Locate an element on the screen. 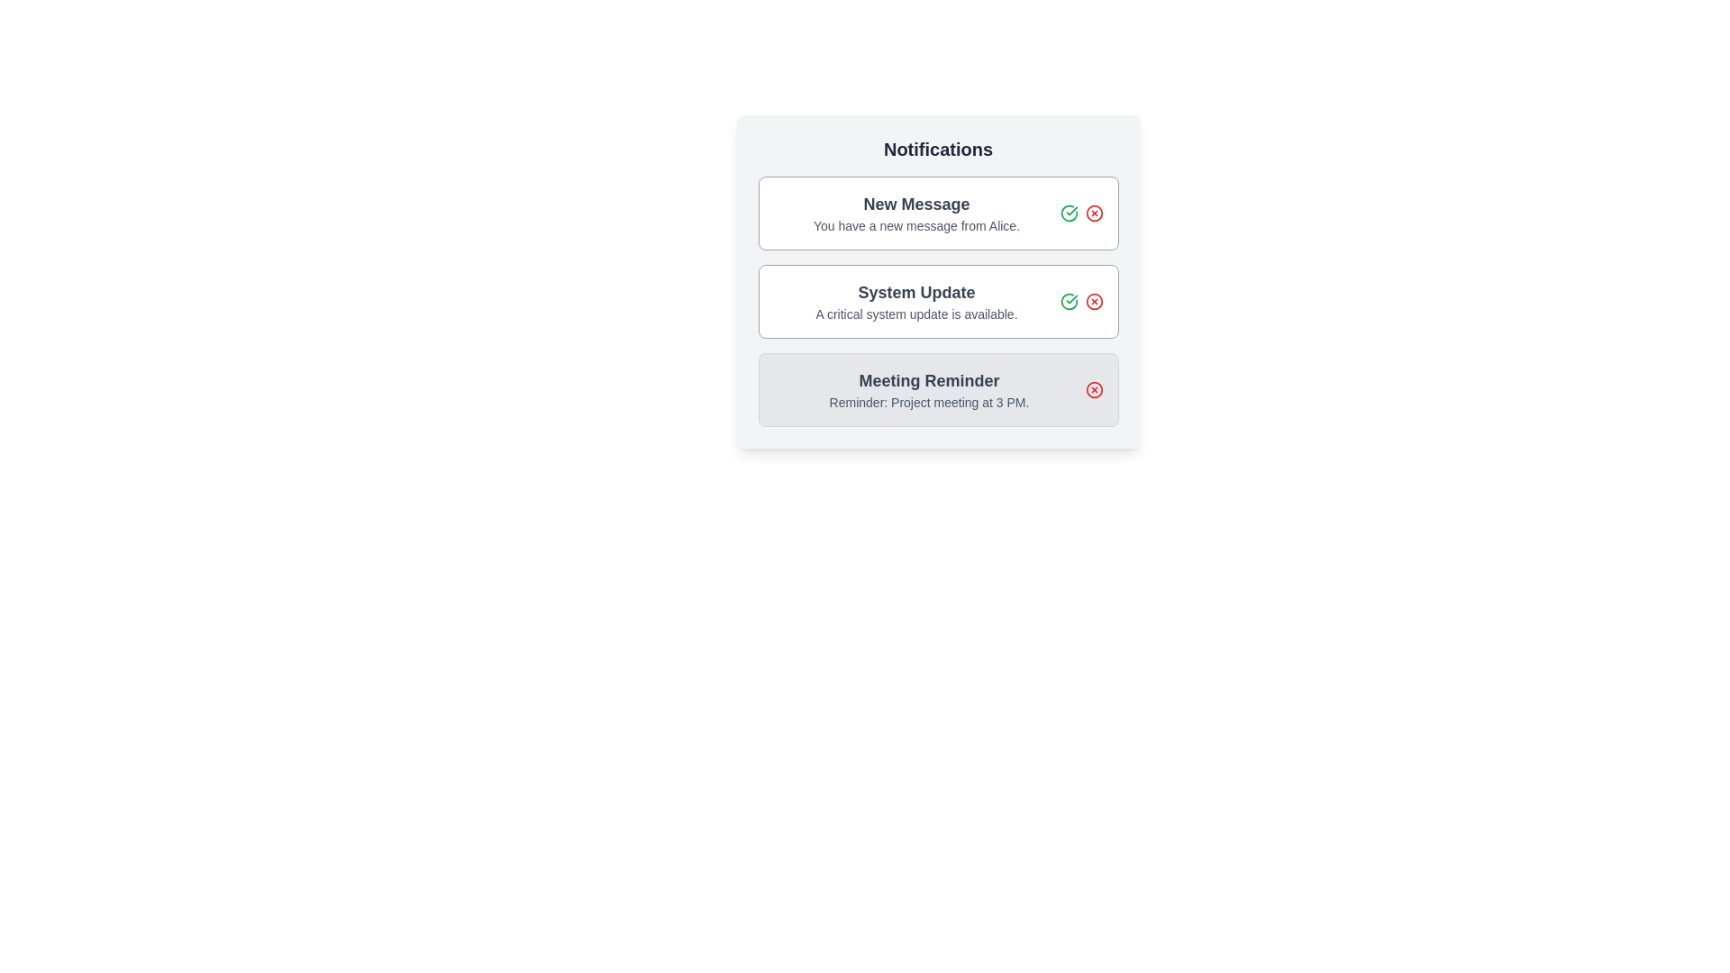  green check button to mark the notification as read is located at coordinates (1069, 212).